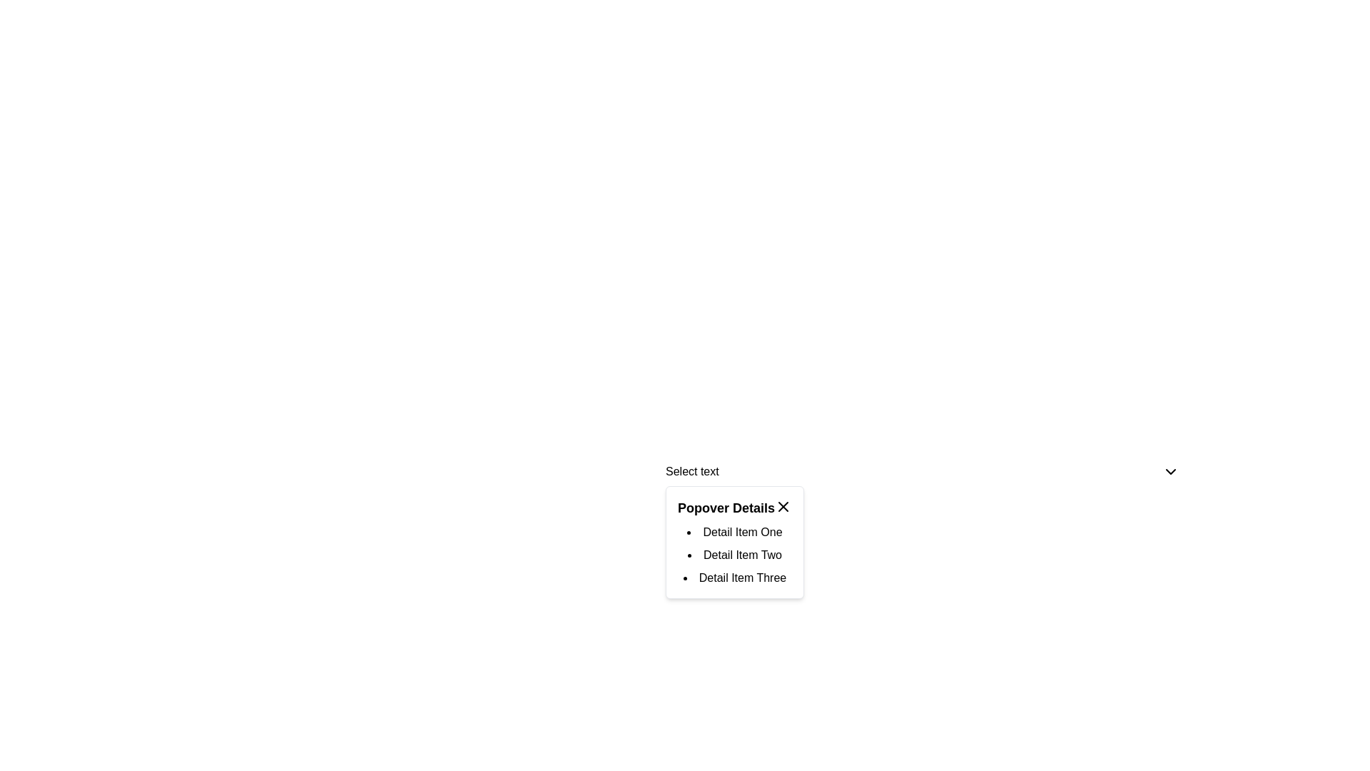 The height and width of the screenshot is (771, 1370). What do you see at coordinates (783, 505) in the screenshot?
I see `the 'X' icon located in the upper-right corner of the popover` at bounding box center [783, 505].